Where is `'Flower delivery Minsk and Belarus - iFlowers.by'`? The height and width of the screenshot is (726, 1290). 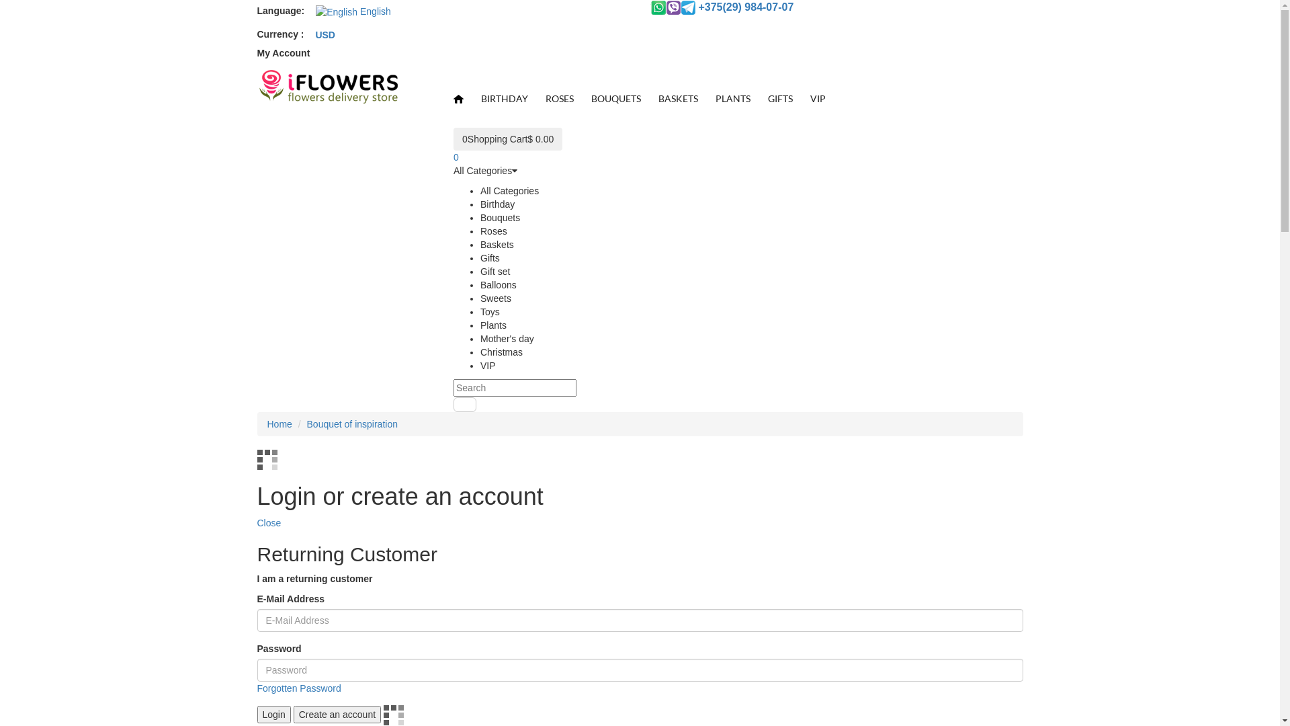
'Flower delivery Minsk and Belarus - iFlowers.by' is located at coordinates (327, 87).